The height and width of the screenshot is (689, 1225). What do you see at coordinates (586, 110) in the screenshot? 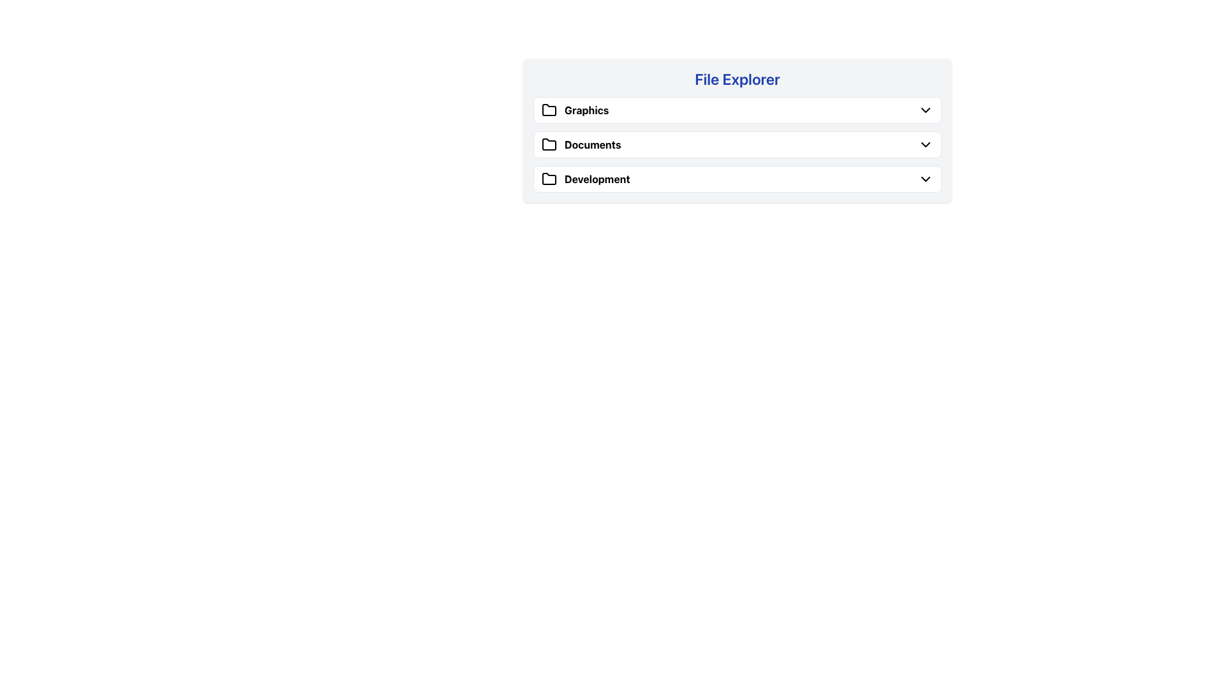
I see `the 'Graphics' text label in the file explorer` at bounding box center [586, 110].